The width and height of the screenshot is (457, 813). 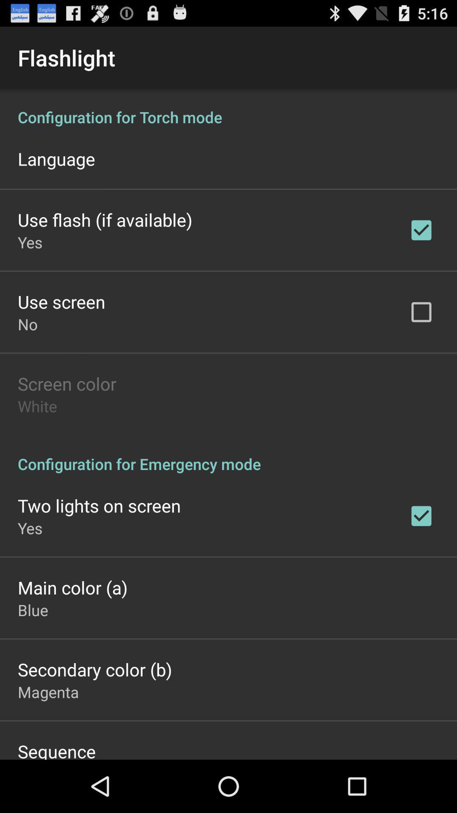 What do you see at coordinates (61, 301) in the screenshot?
I see `the use screen` at bounding box center [61, 301].